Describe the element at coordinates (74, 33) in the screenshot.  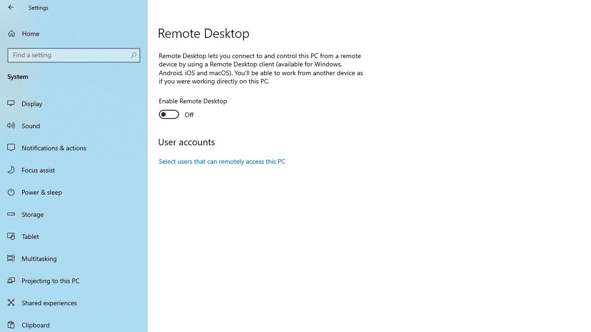
I see `'Home'` at that location.